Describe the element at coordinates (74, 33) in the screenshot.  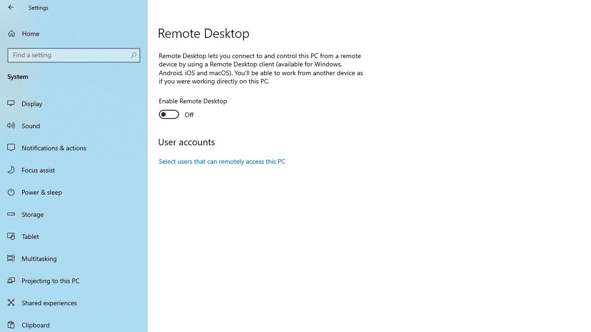
I see `'Home'` at that location.